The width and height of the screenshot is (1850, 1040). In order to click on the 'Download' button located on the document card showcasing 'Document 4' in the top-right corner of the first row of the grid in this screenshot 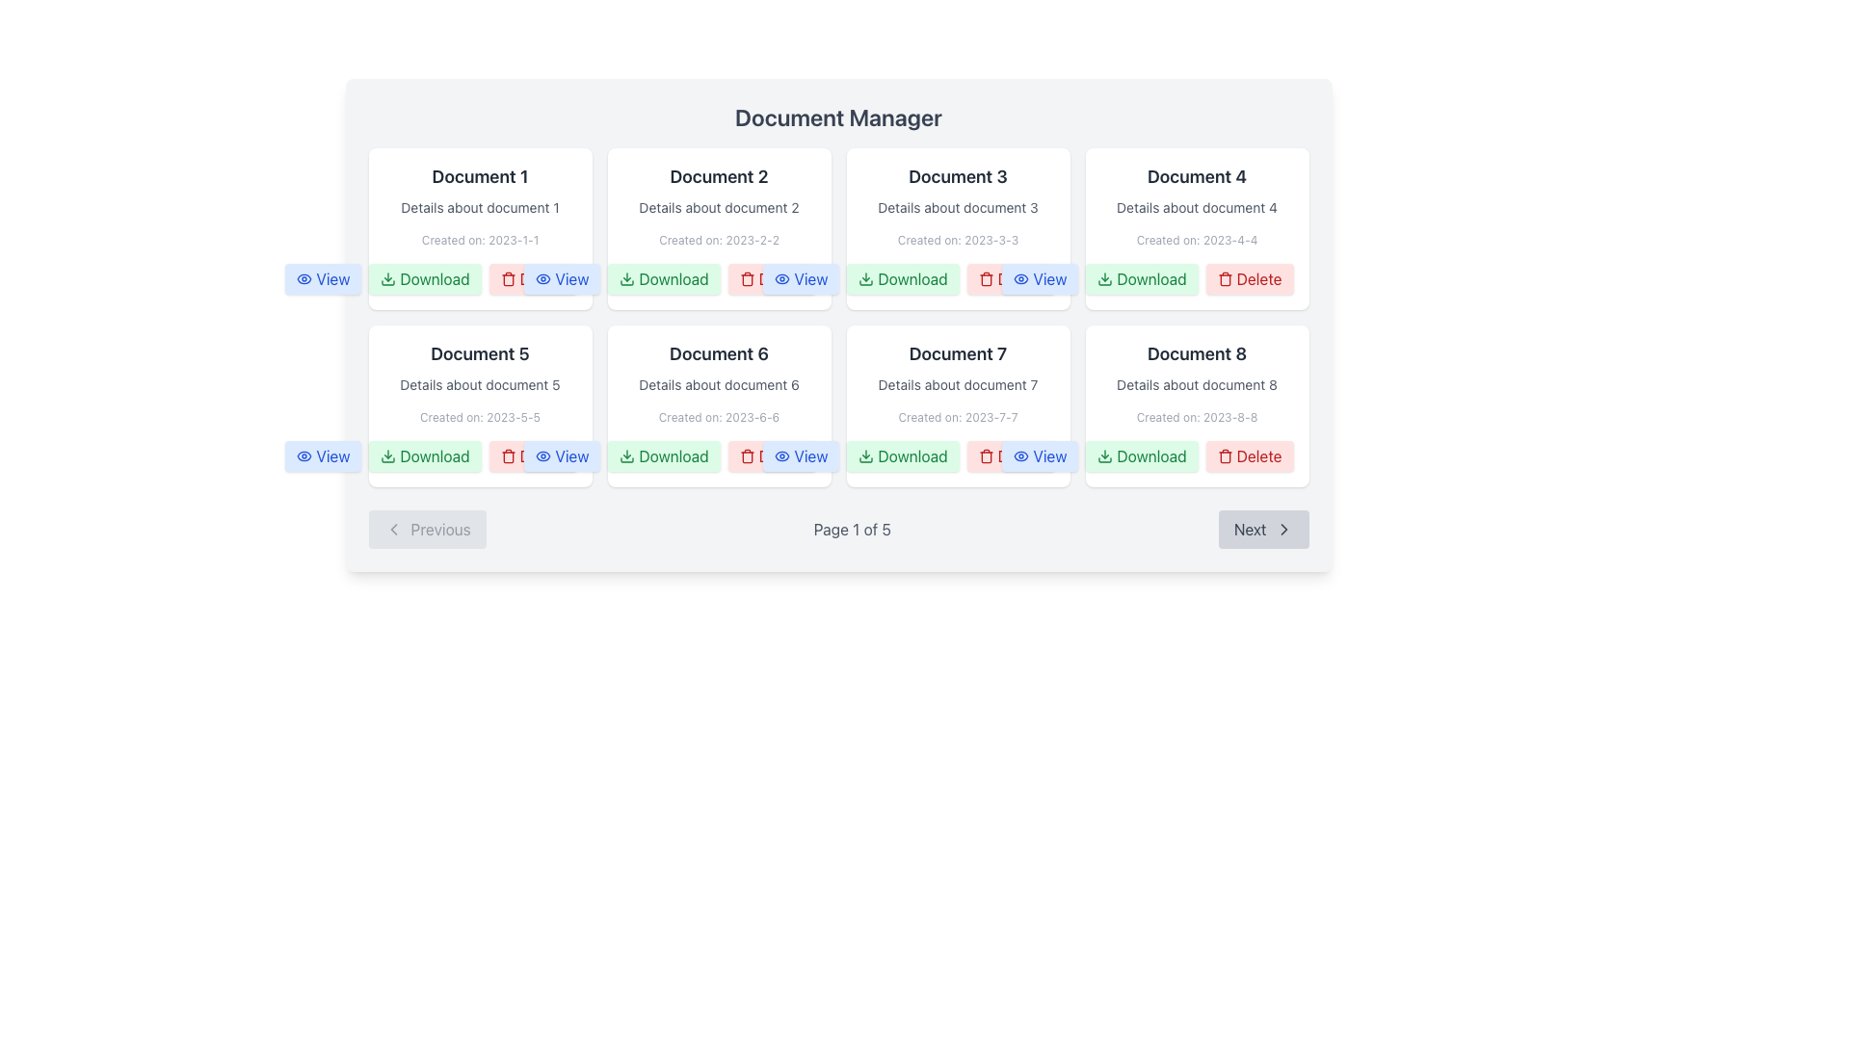, I will do `click(1196, 228)`.